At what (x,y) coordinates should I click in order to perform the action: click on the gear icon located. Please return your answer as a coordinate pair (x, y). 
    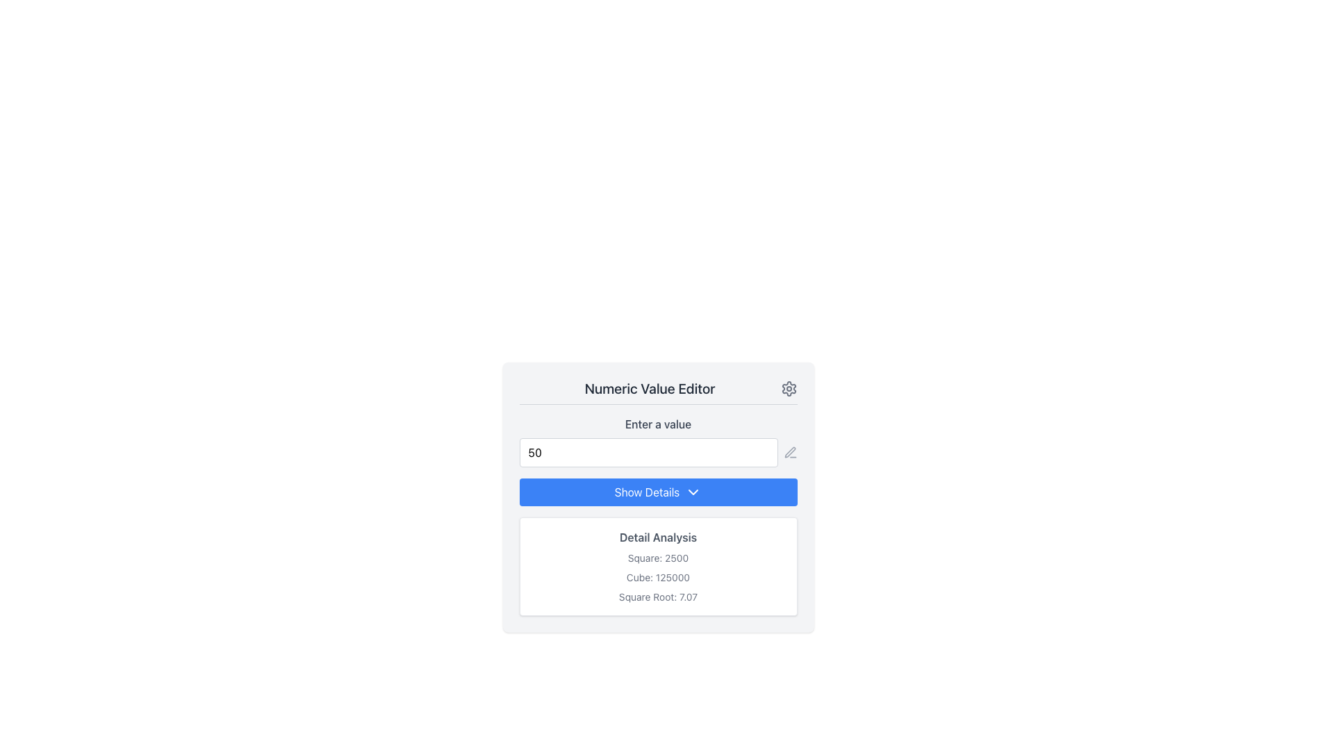
    Looking at the image, I should click on (789, 388).